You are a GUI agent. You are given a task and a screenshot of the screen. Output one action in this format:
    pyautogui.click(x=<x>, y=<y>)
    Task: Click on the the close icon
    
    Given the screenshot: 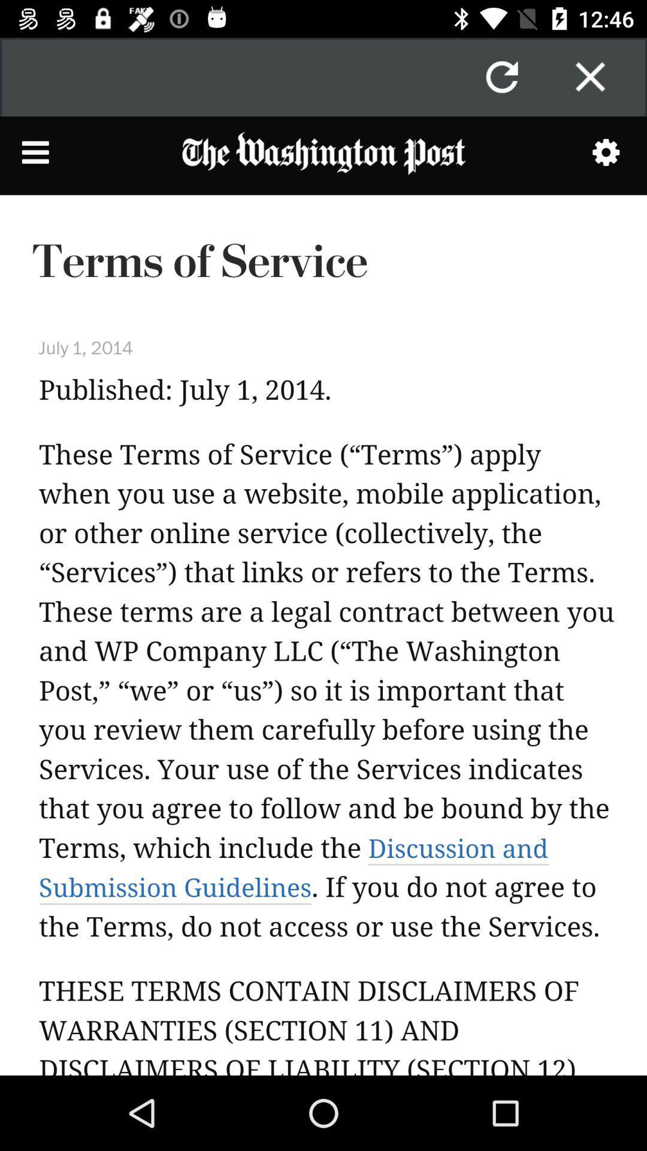 What is the action you would take?
    pyautogui.click(x=589, y=76)
    